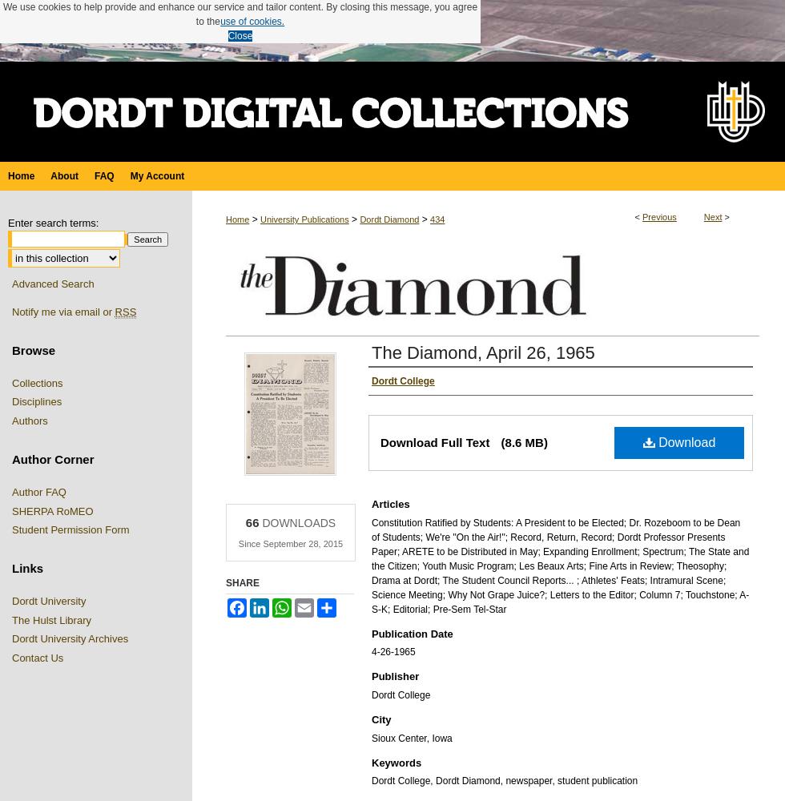 This screenshot has width=785, height=801. Describe the element at coordinates (52, 457) in the screenshot. I see `'Author Corner'` at that location.